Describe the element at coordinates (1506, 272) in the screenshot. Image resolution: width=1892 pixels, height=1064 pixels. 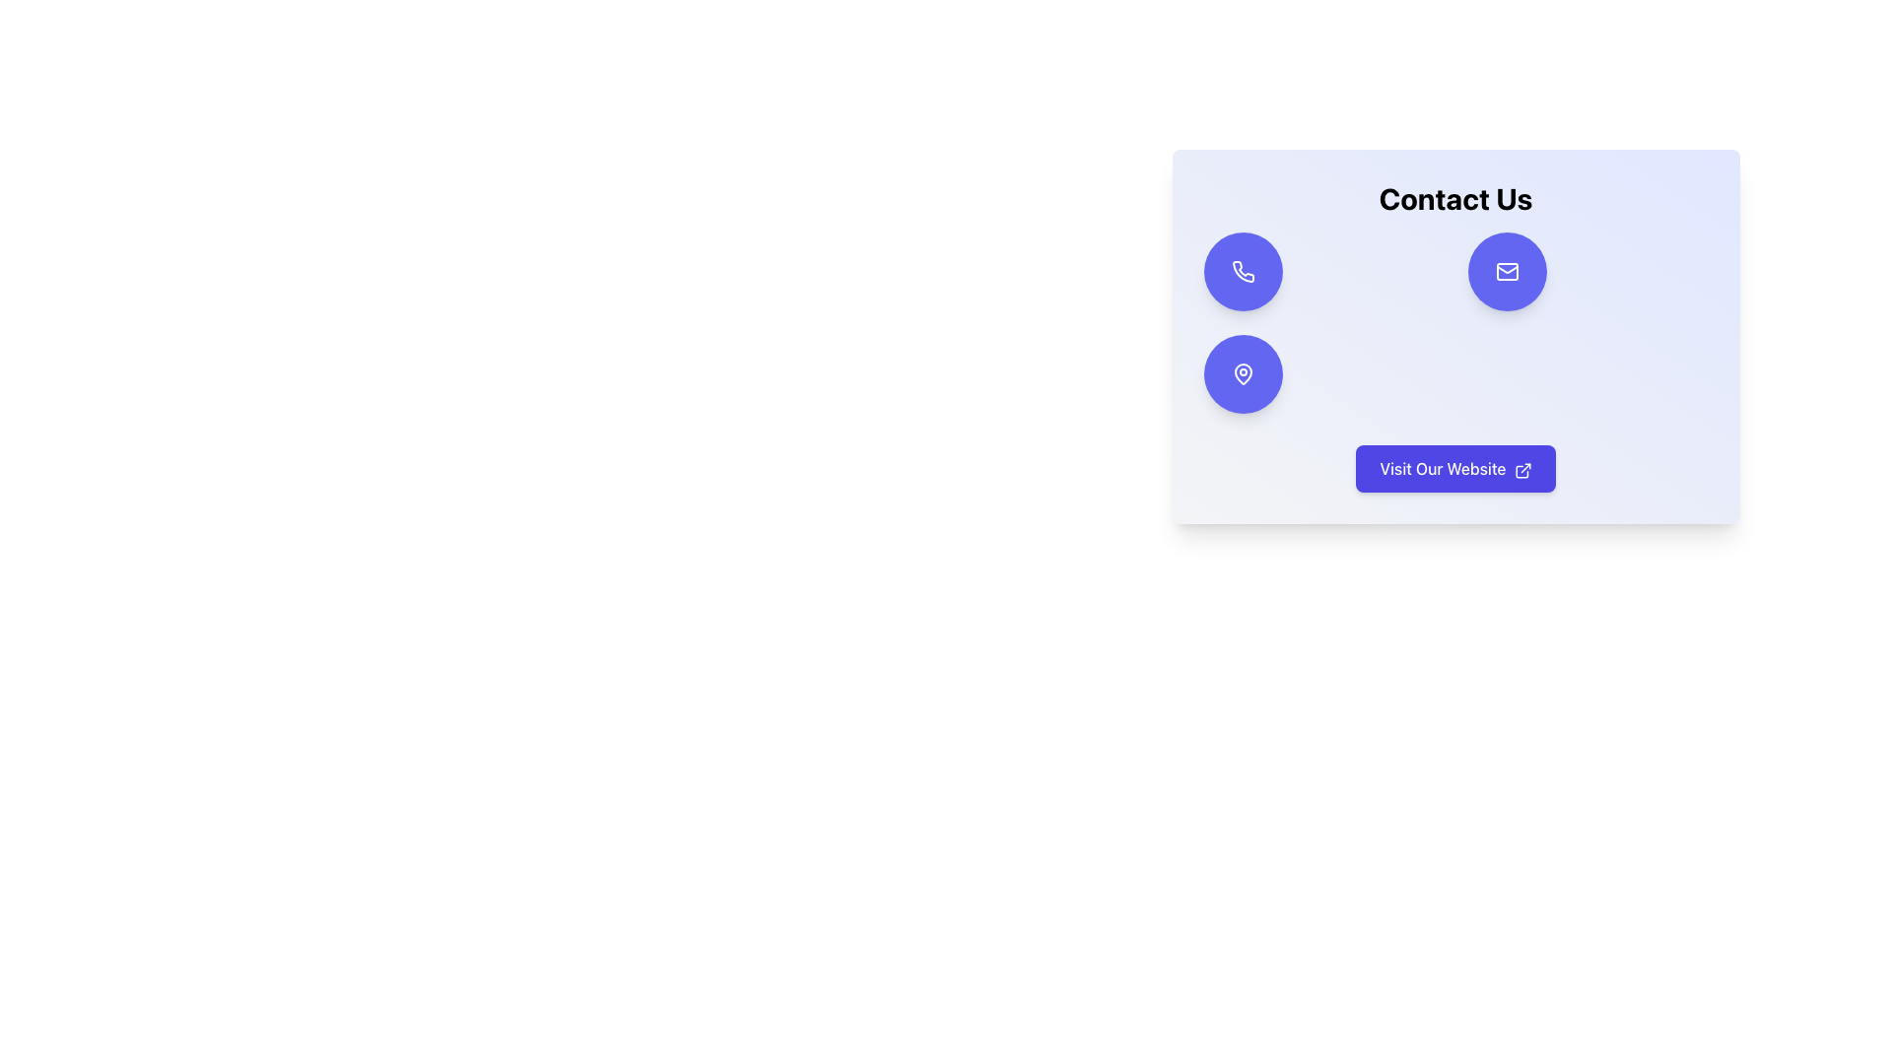
I see `the mail icon button located at the top-right position relative to the phone and location icons` at that location.